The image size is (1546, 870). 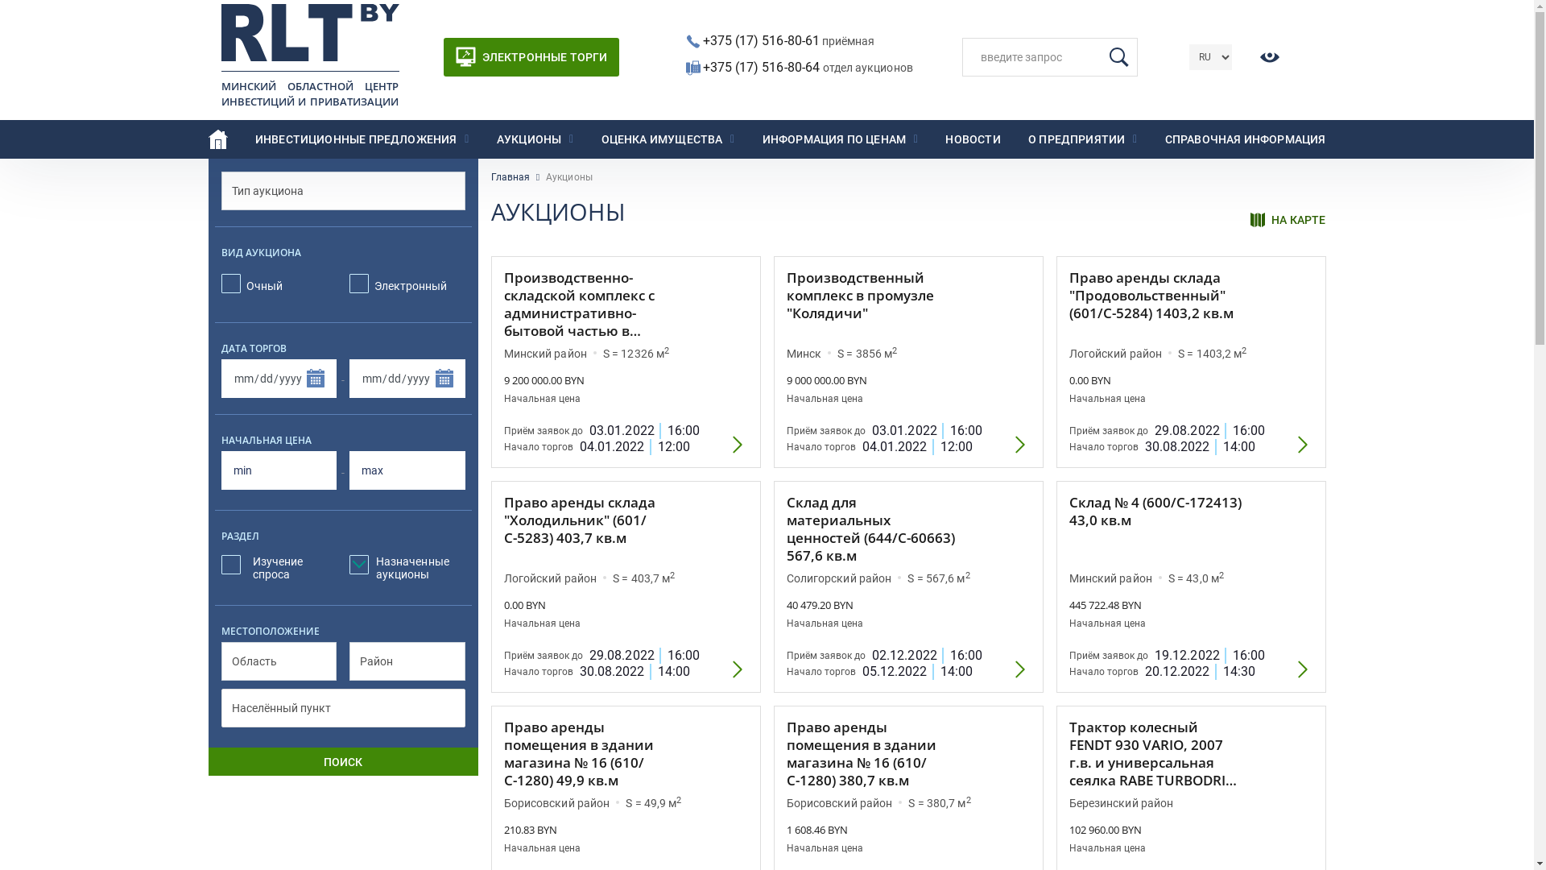 I want to click on '+375 (17) 516-80-61', so click(x=760, y=39).